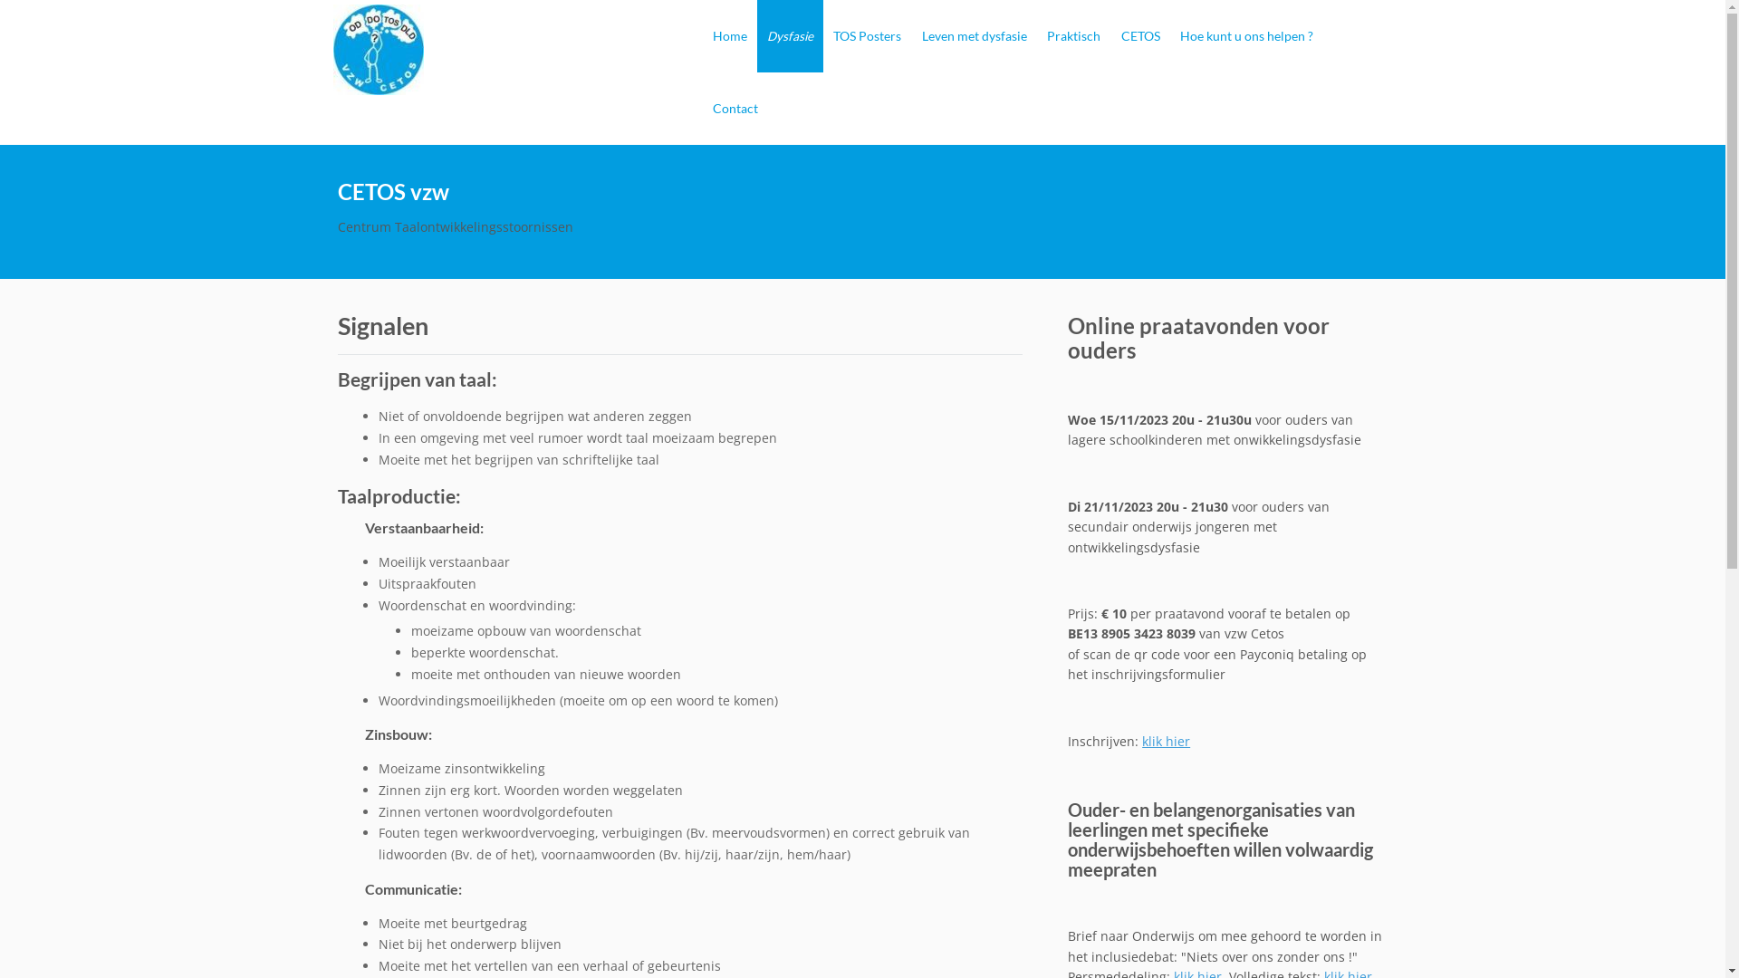  Describe the element at coordinates (1037, 35) in the screenshot. I see `'Praktisch'` at that location.